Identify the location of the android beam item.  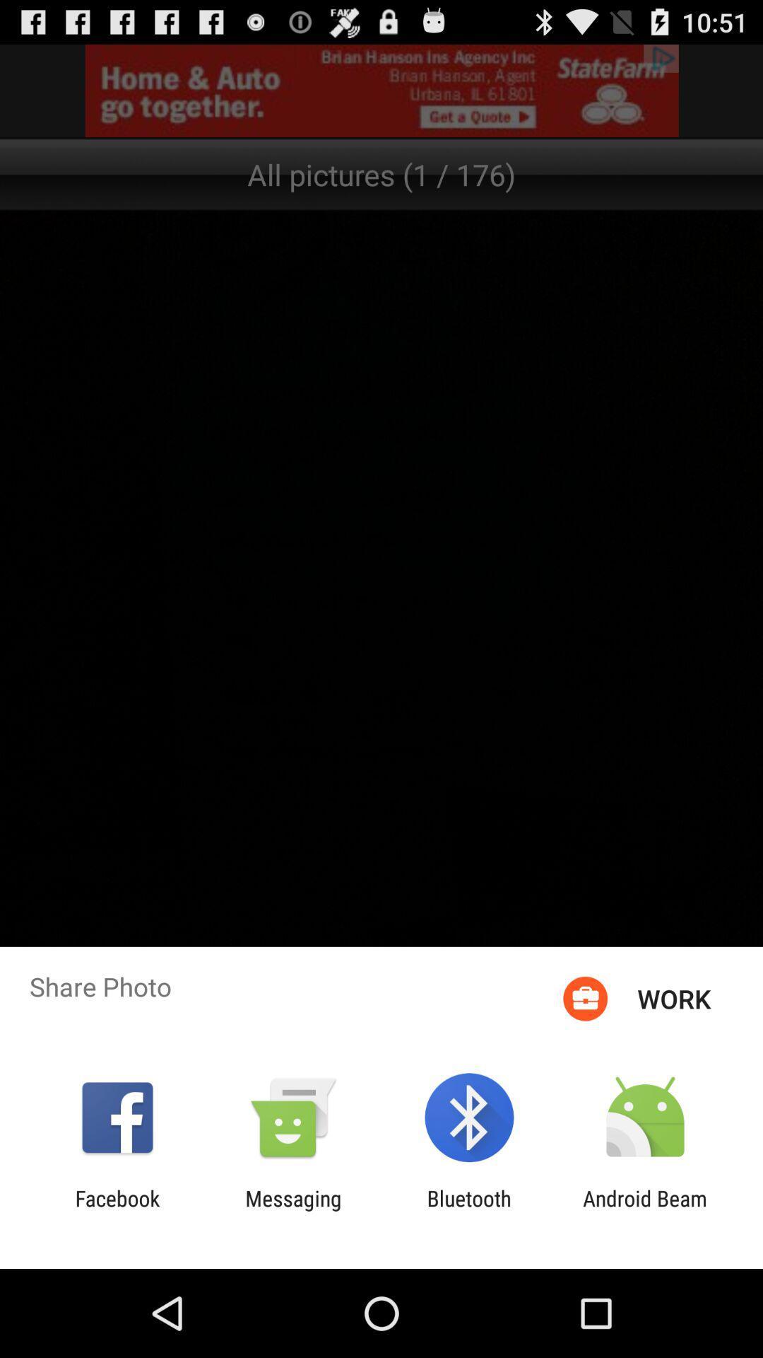
(645, 1210).